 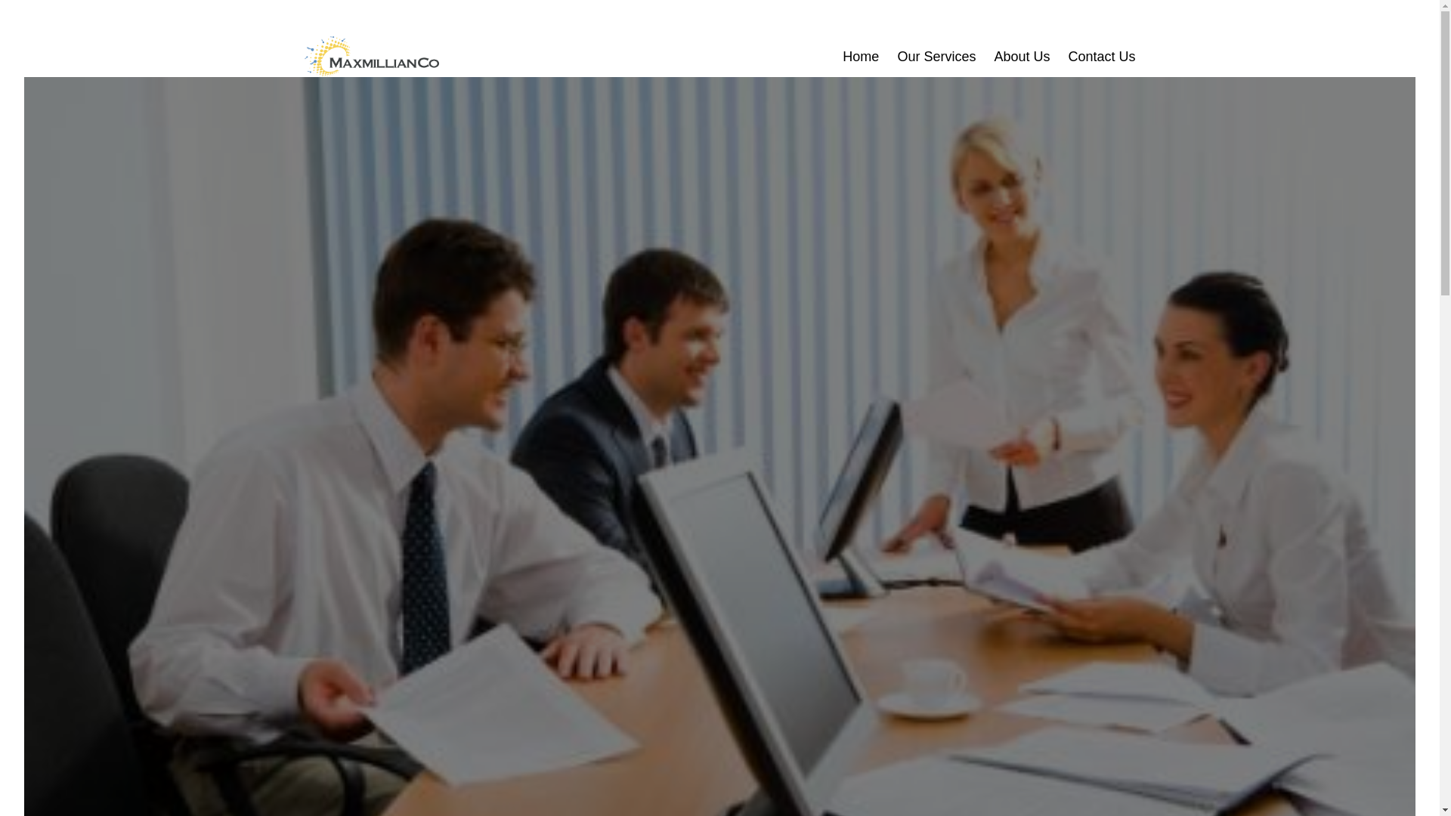 What do you see at coordinates (1101, 56) in the screenshot?
I see `'Contact Us'` at bounding box center [1101, 56].